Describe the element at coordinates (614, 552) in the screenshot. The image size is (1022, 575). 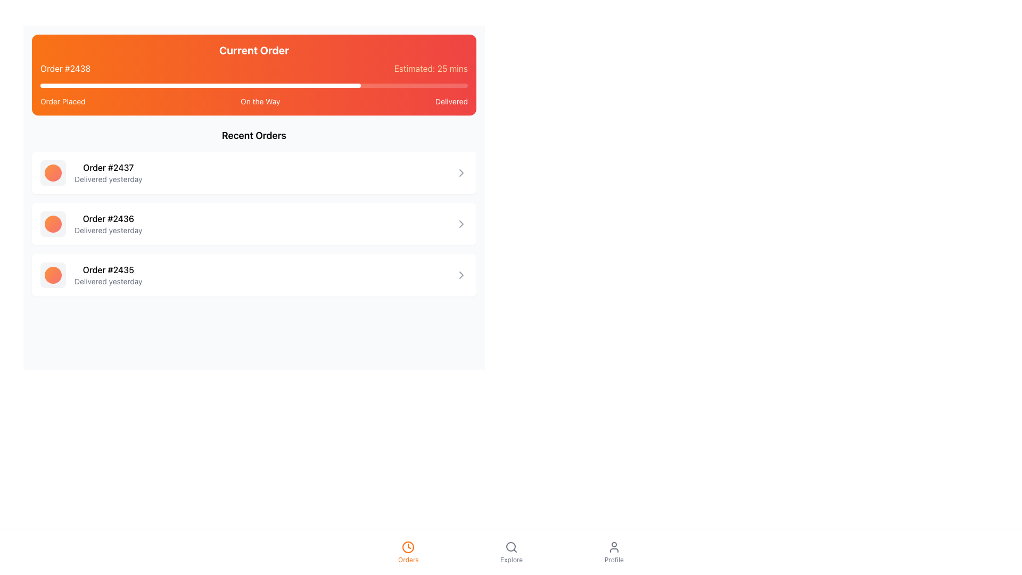
I see `the 'Profile' button at the bottom-right corner of the interface` at that location.